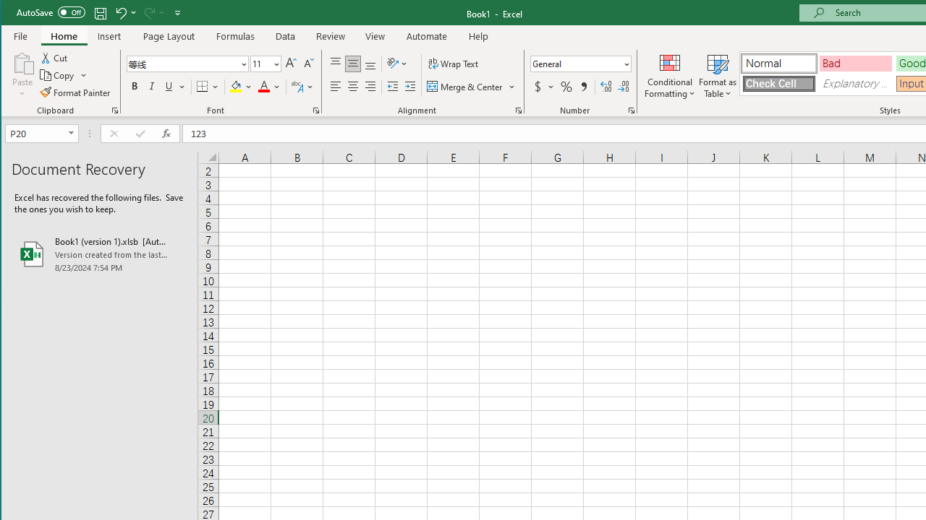 This screenshot has width=926, height=520. Describe the element at coordinates (498, 74) in the screenshot. I see `'Insert Combo Chart'` at that location.